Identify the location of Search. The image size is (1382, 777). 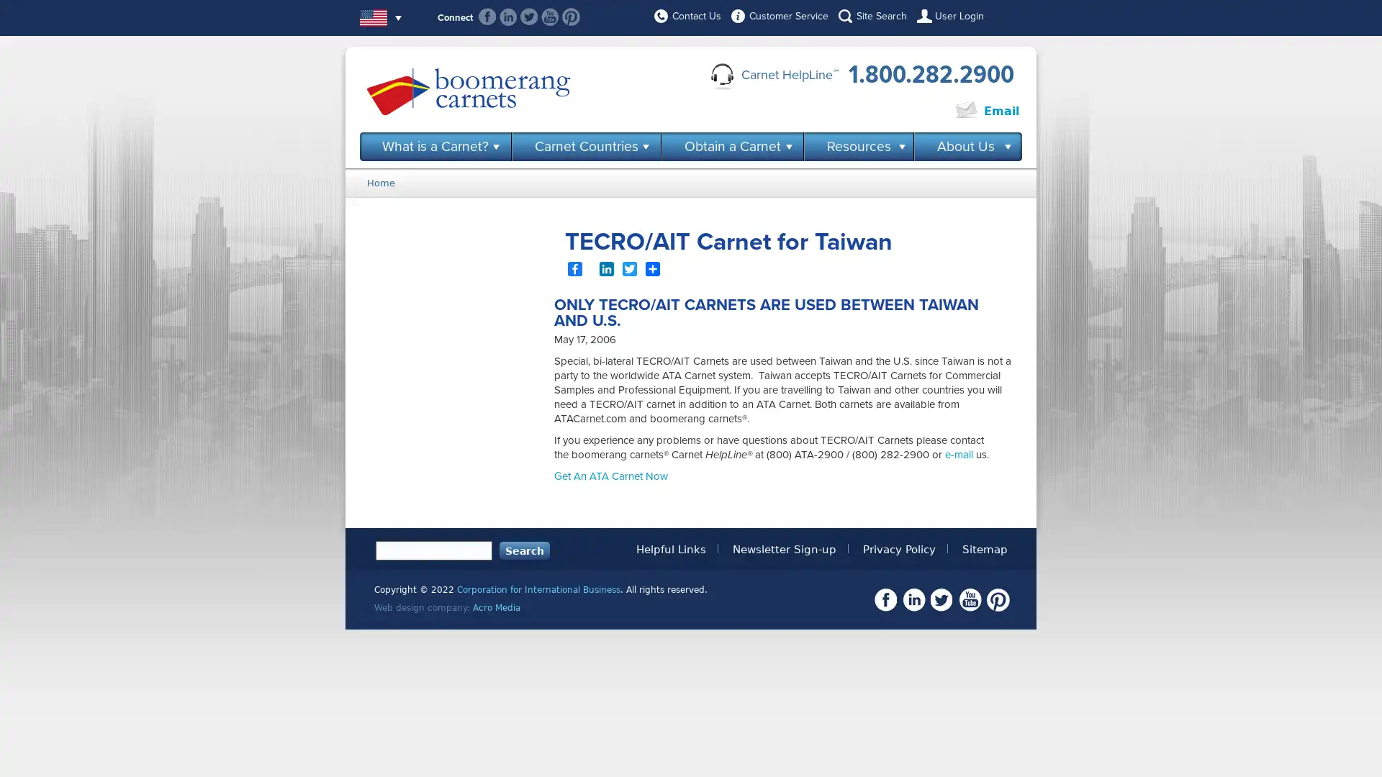
(524, 550).